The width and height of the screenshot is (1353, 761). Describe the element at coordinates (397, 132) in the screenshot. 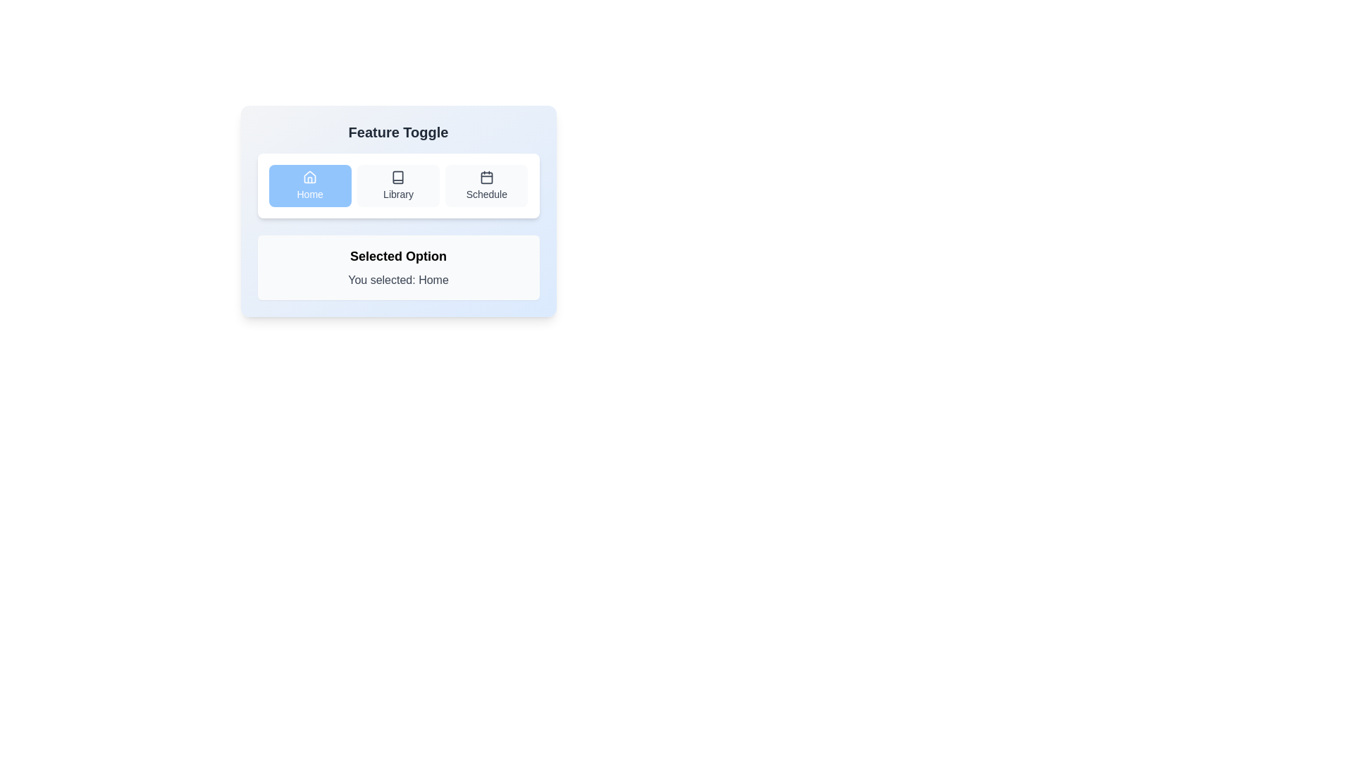

I see `the text label or heading at the top of the module, which serves as a title to help users identify the functionality or topic of the section` at that location.